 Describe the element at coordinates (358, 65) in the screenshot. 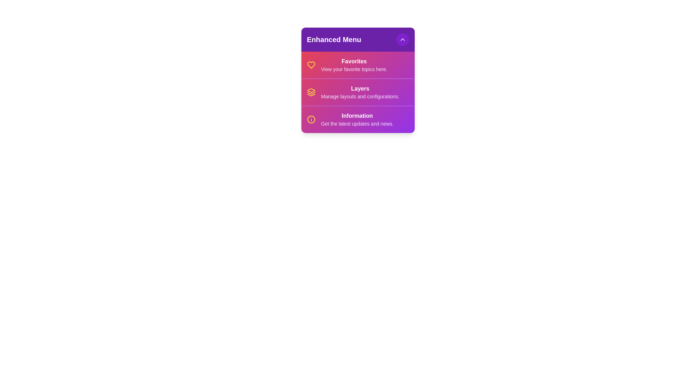

I see `the menu item Favorites to view its hover effect` at that location.